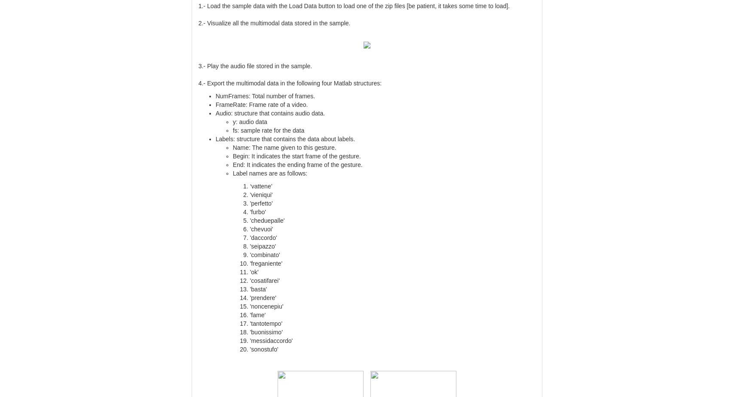  Describe the element at coordinates (354, 5) in the screenshot. I see `'1.- Load the sample data with the Load Data button to load one of the zip files [be patient, it takes some time to load].'` at that location.